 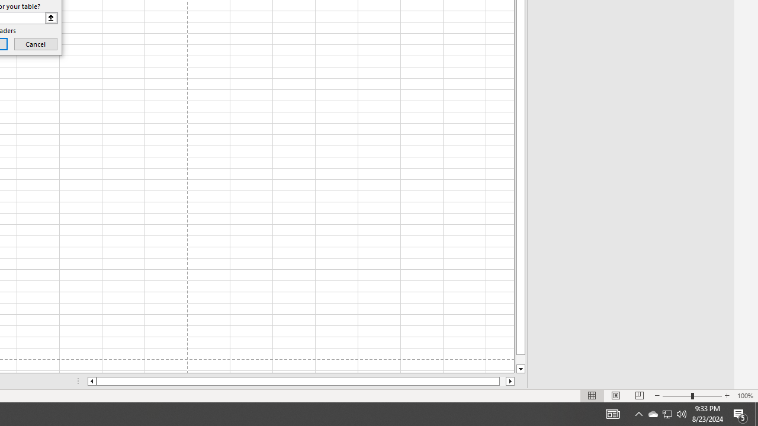 I want to click on 'Zoom', so click(x=692, y=396).